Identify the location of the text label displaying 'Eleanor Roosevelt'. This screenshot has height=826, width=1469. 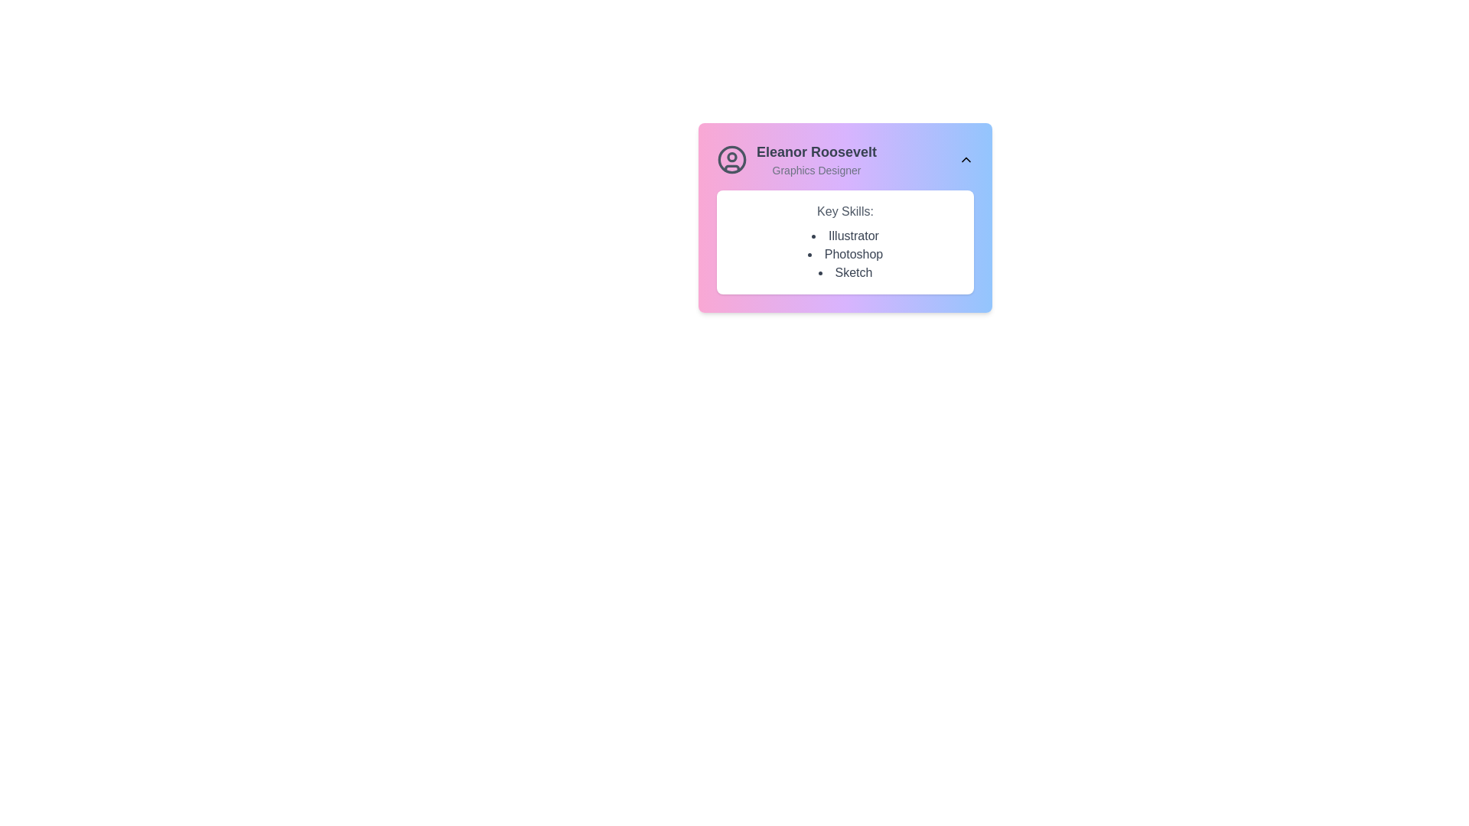
(816, 152).